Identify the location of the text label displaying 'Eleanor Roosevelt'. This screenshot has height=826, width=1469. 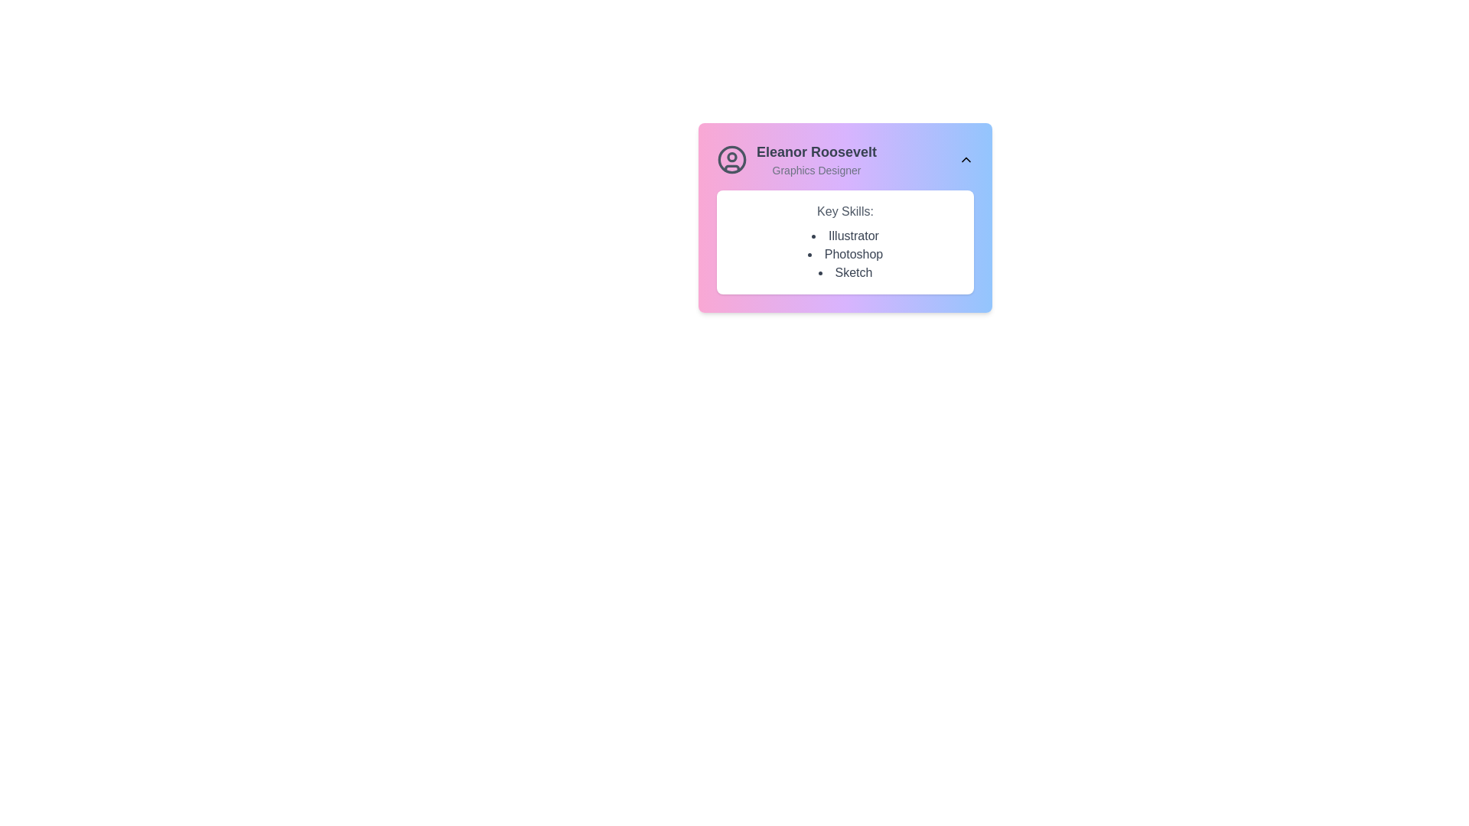
(816, 152).